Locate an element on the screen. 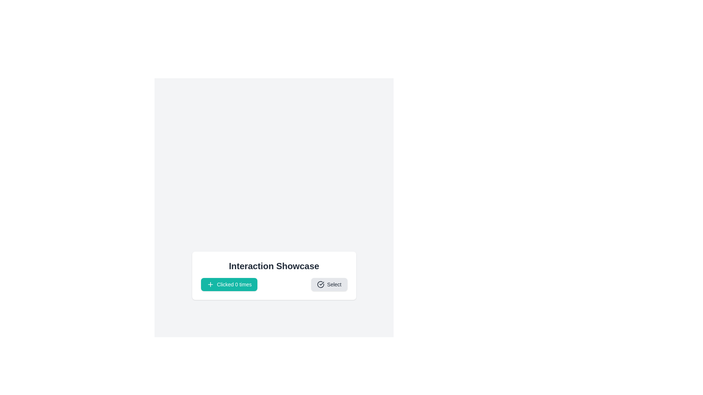  the Composite UI element containing the teal-colored button labeled 'Clicked 0 times' and the light gray button labeled 'Select' to trigger visual feedback is located at coordinates (274, 284).